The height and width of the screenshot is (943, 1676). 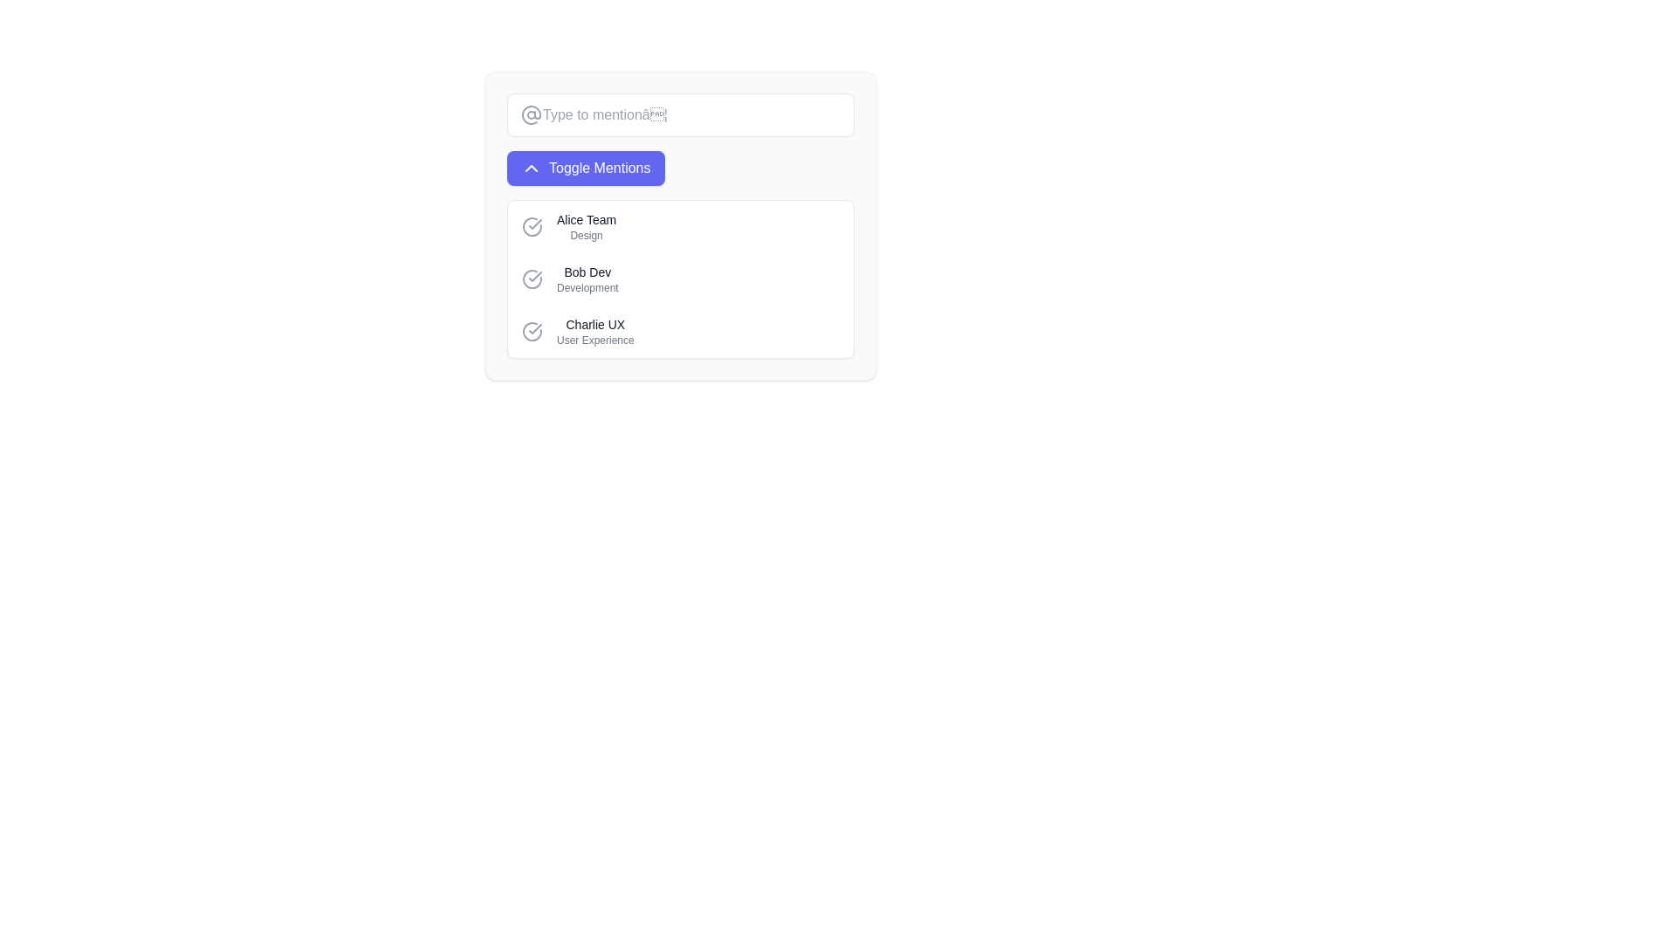 What do you see at coordinates (531, 168) in the screenshot?
I see `the upward-pointing chevron icon located on the left side of the 'Toggle Mentions' button` at bounding box center [531, 168].